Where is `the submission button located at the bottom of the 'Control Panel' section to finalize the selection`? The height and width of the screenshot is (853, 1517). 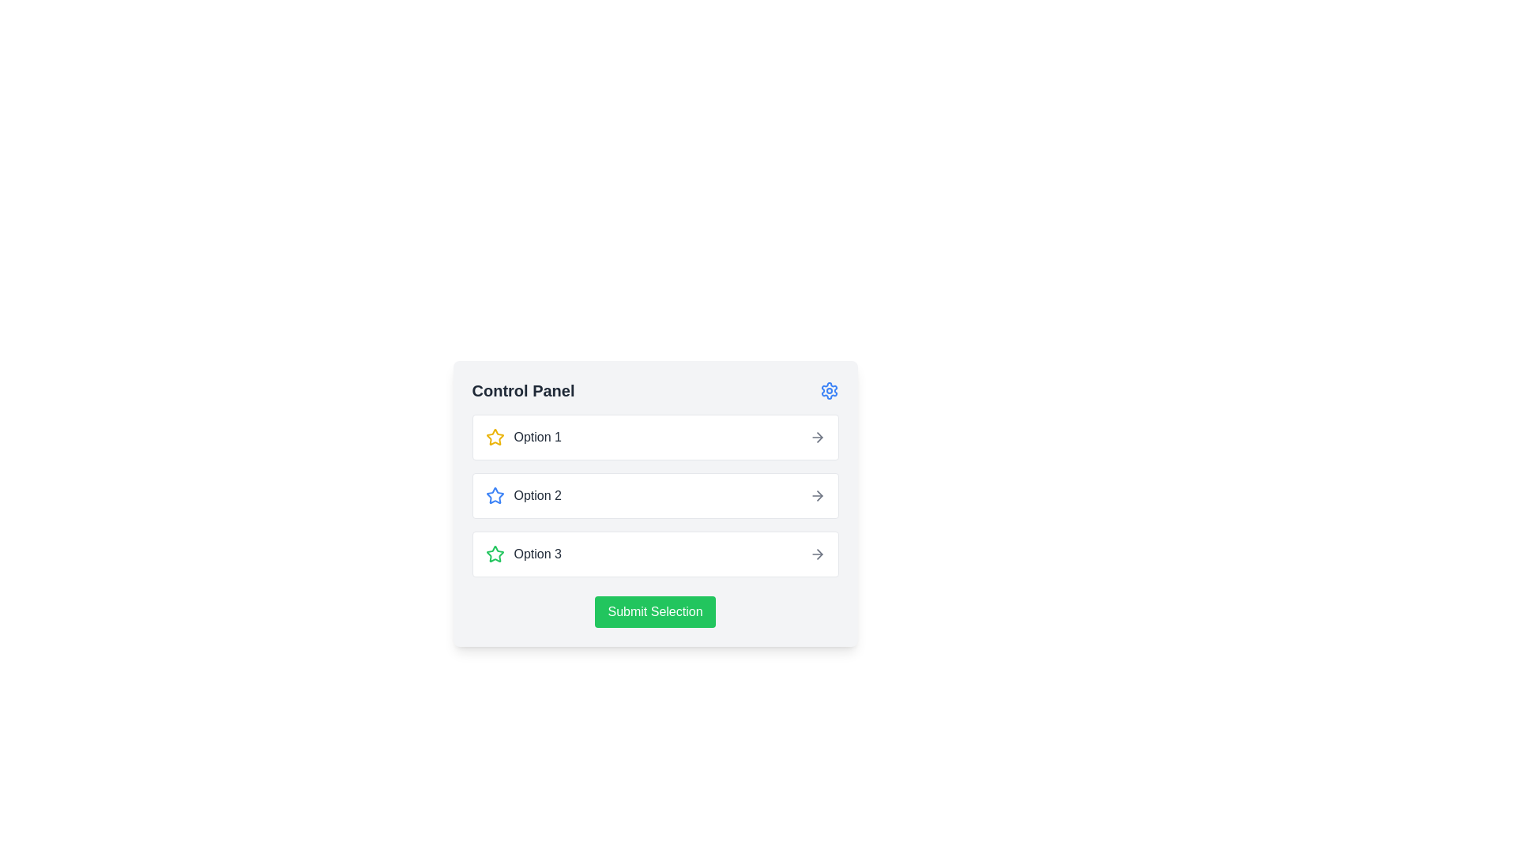
the submission button located at the bottom of the 'Control Panel' section to finalize the selection is located at coordinates (655, 611).